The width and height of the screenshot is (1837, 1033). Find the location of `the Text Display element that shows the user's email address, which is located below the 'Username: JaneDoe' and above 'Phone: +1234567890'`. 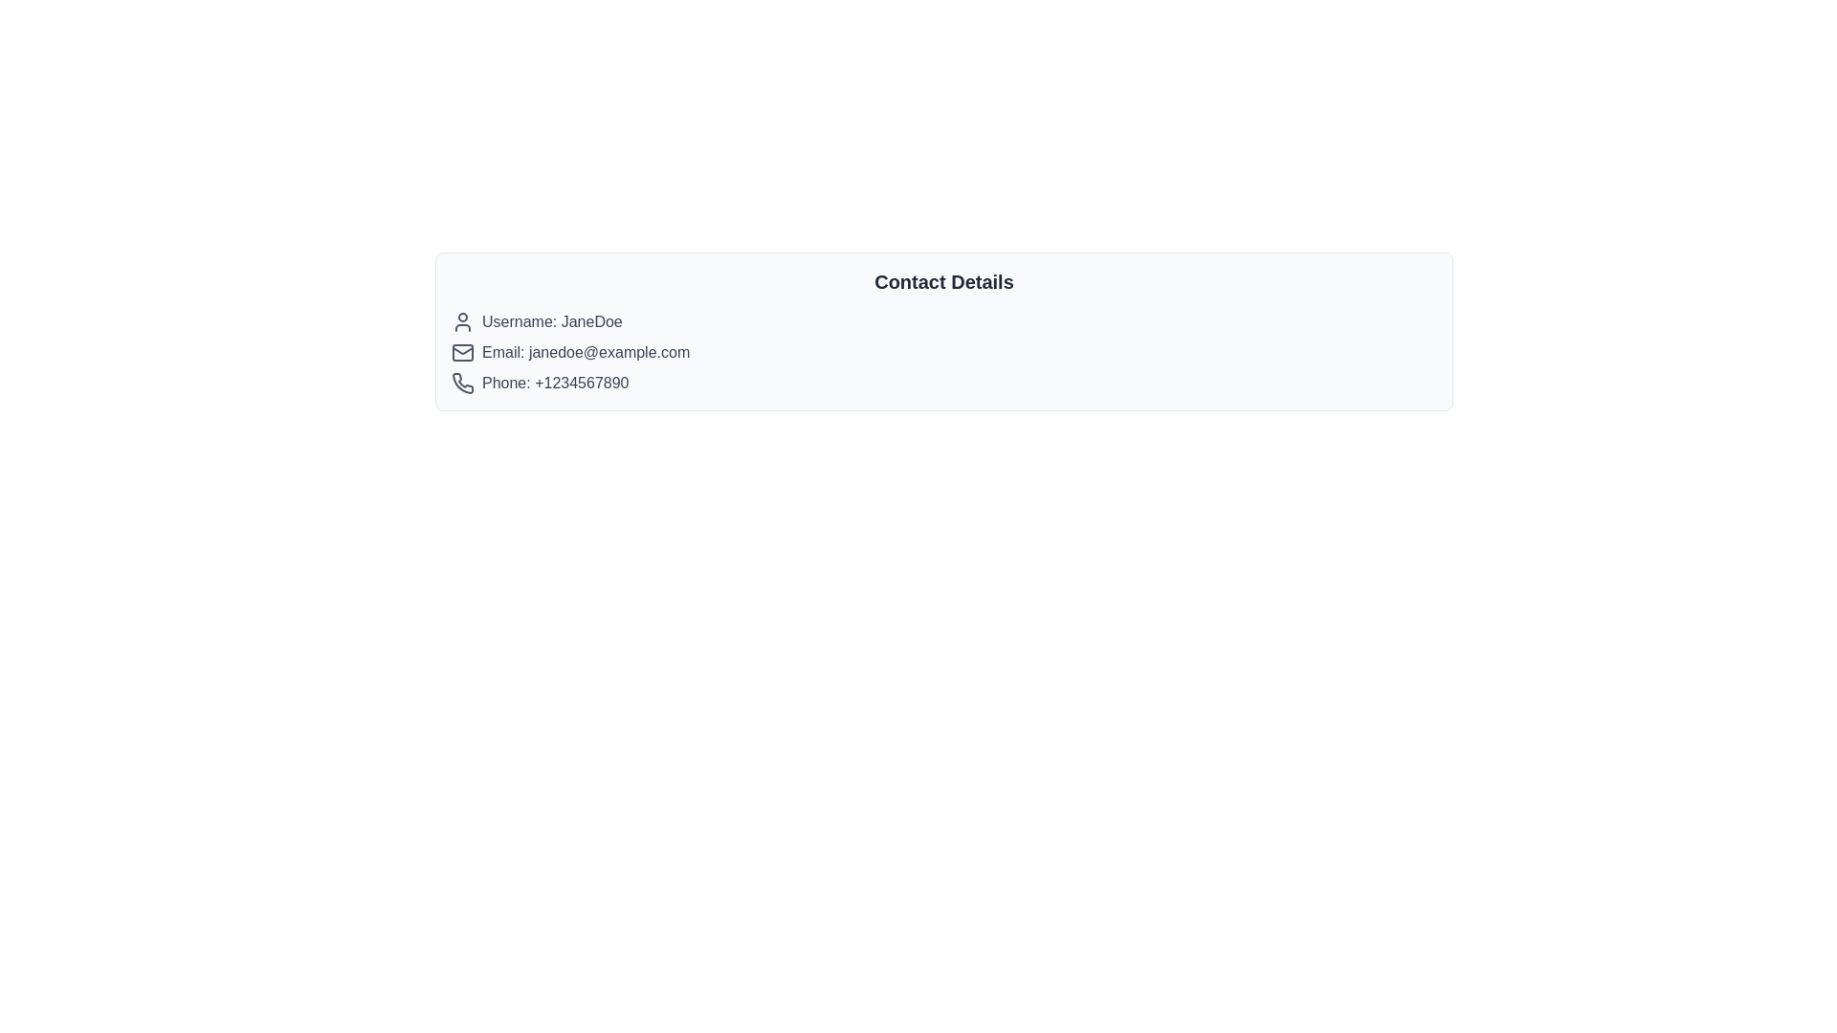

the Text Display element that shows the user's email address, which is located below the 'Username: JaneDoe' and above 'Phone: +1234567890' is located at coordinates (585, 353).